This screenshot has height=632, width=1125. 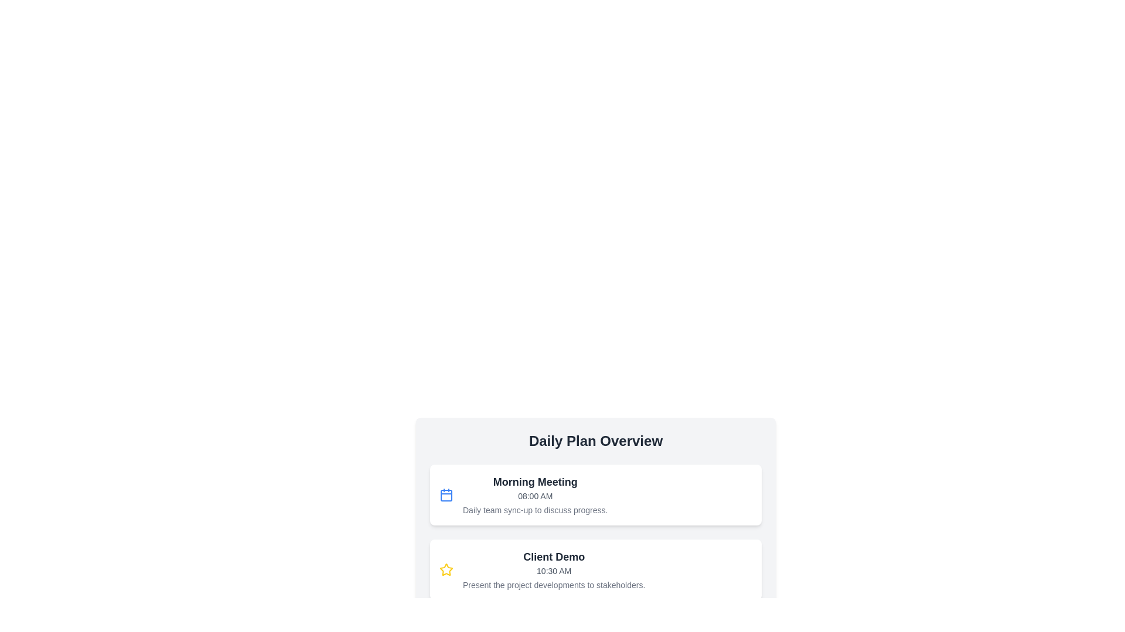 What do you see at coordinates (446, 569) in the screenshot?
I see `the star icon element styled in yellow, positioned to the left of the 'Client Demo' text in the scheduling interface` at bounding box center [446, 569].